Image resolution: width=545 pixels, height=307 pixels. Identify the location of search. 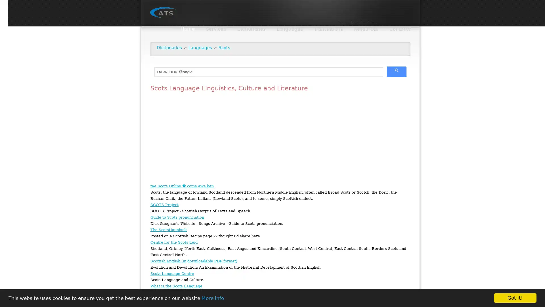
(396, 72).